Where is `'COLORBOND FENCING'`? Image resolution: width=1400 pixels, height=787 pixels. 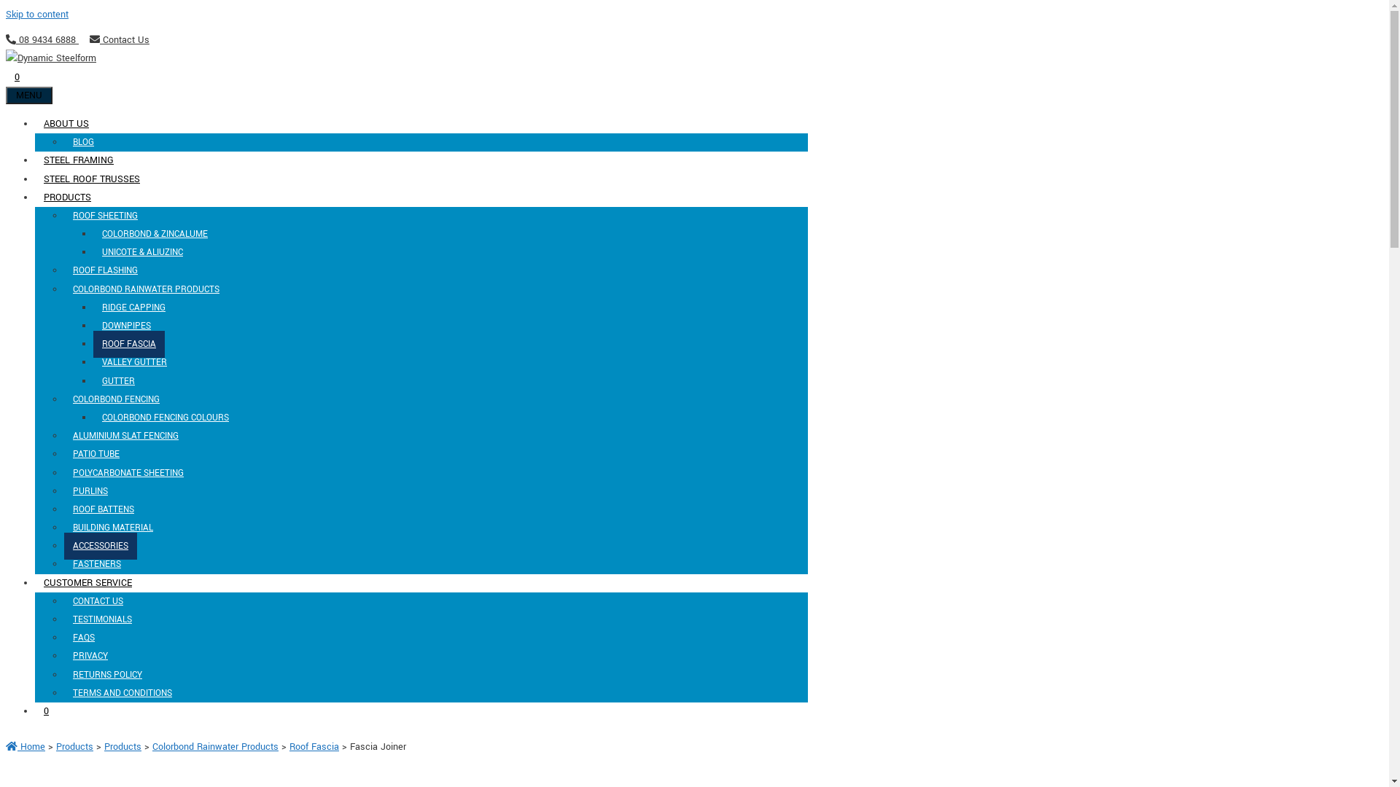 'COLORBOND FENCING' is located at coordinates (120, 399).